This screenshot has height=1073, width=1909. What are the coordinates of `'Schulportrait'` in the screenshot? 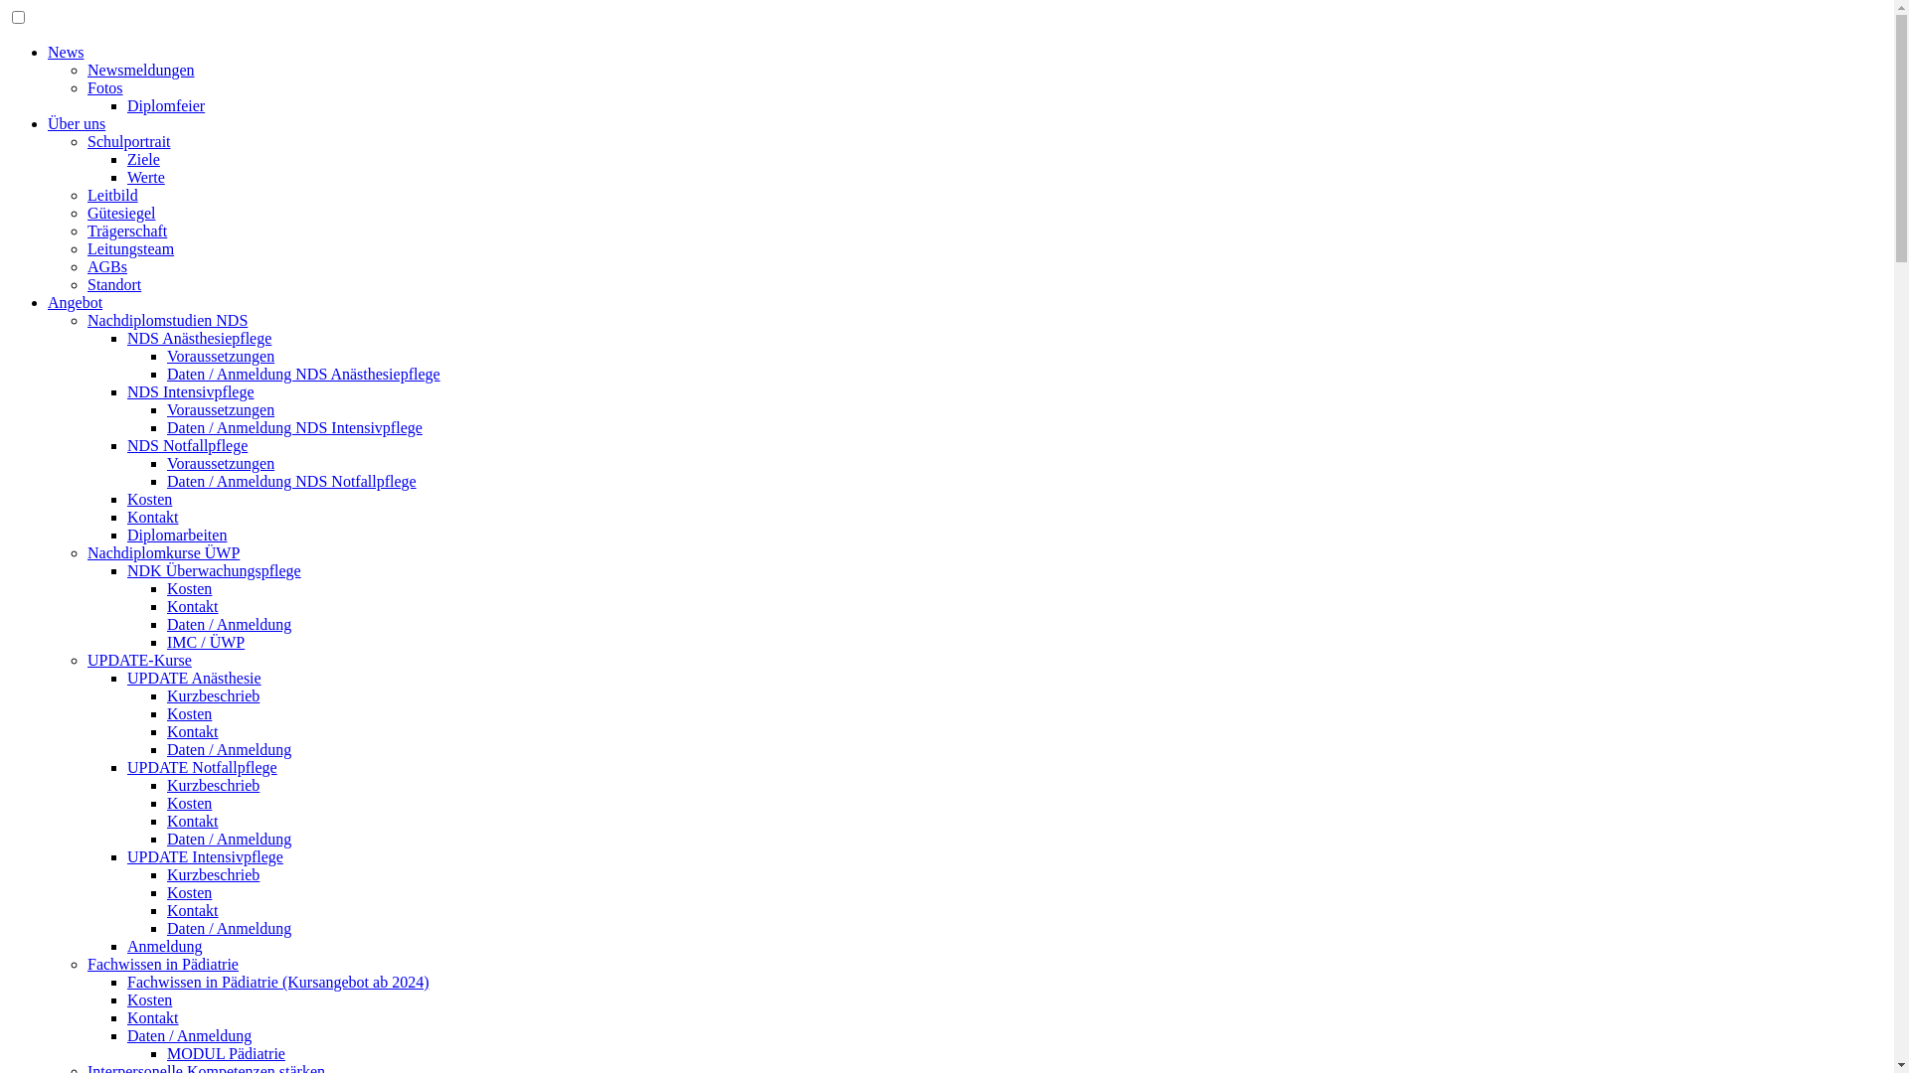 It's located at (127, 140).